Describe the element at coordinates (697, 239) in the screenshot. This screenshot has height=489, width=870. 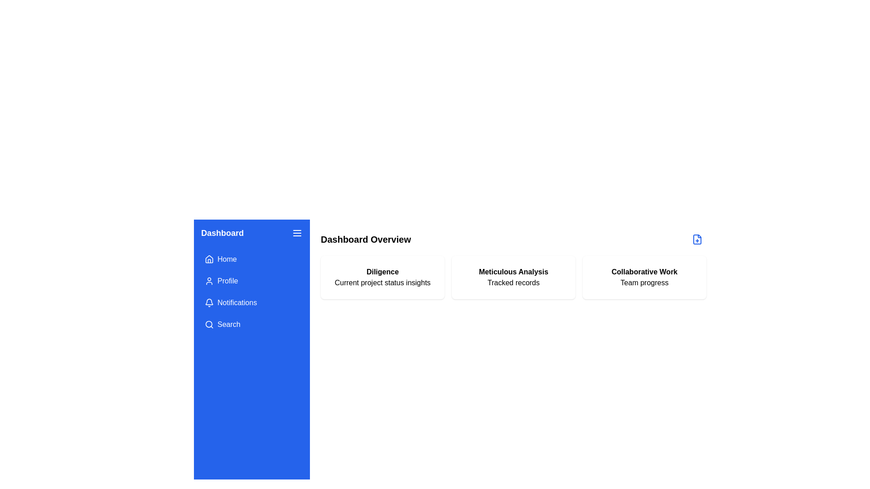
I see `the file-plus icon located at the top-right corner of the page, which indicates an action related to adding or creating a new file` at that location.